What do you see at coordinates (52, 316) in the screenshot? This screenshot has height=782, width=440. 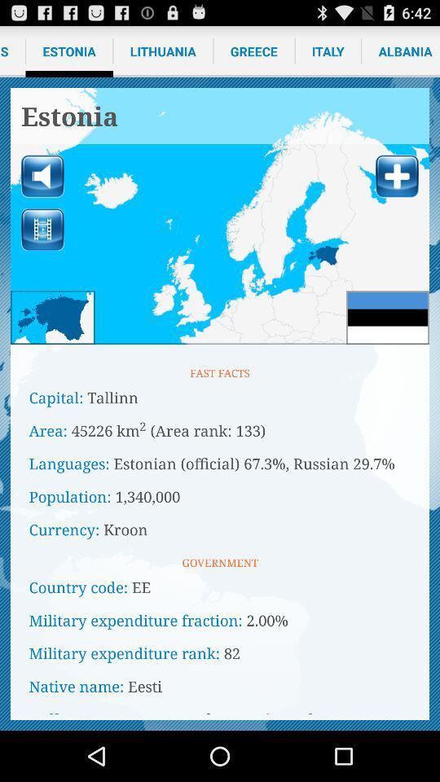 I see `area button` at bounding box center [52, 316].